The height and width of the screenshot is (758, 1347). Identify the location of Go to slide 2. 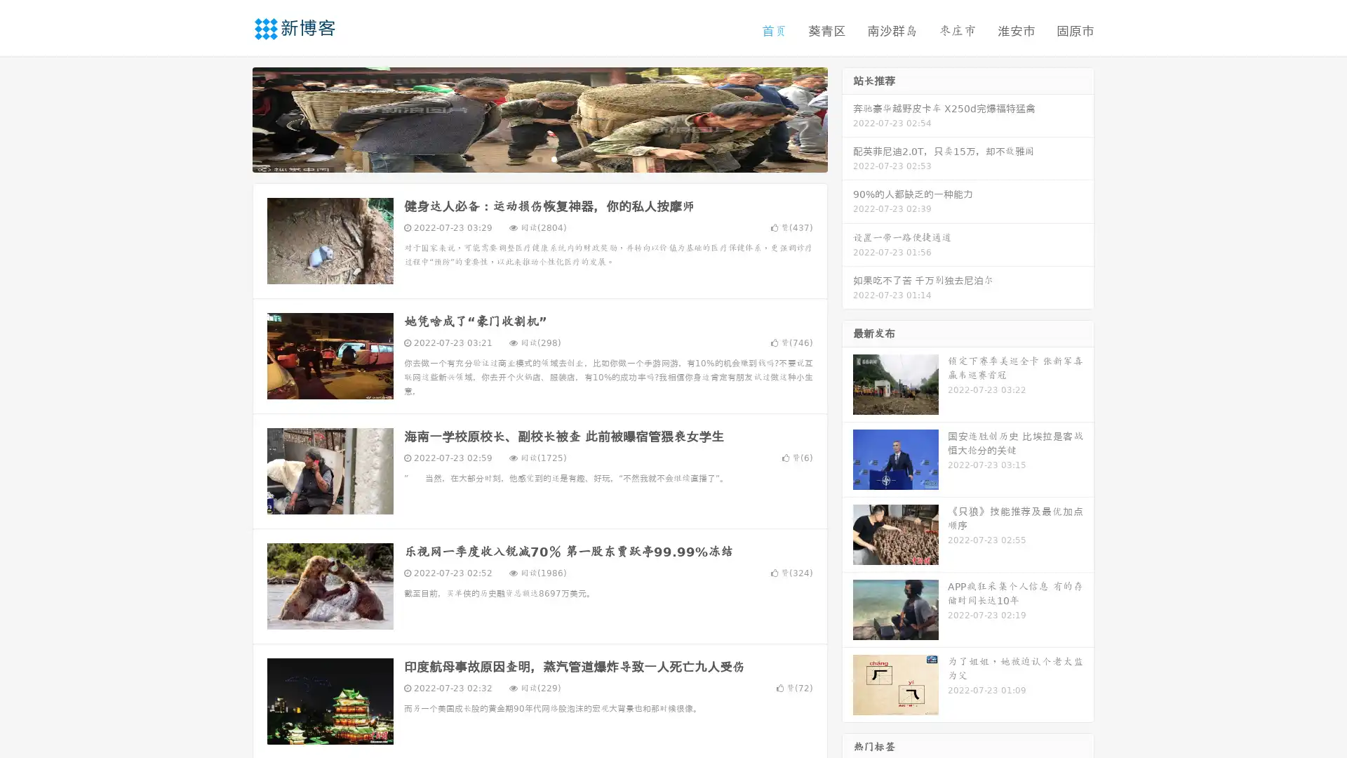
(539, 158).